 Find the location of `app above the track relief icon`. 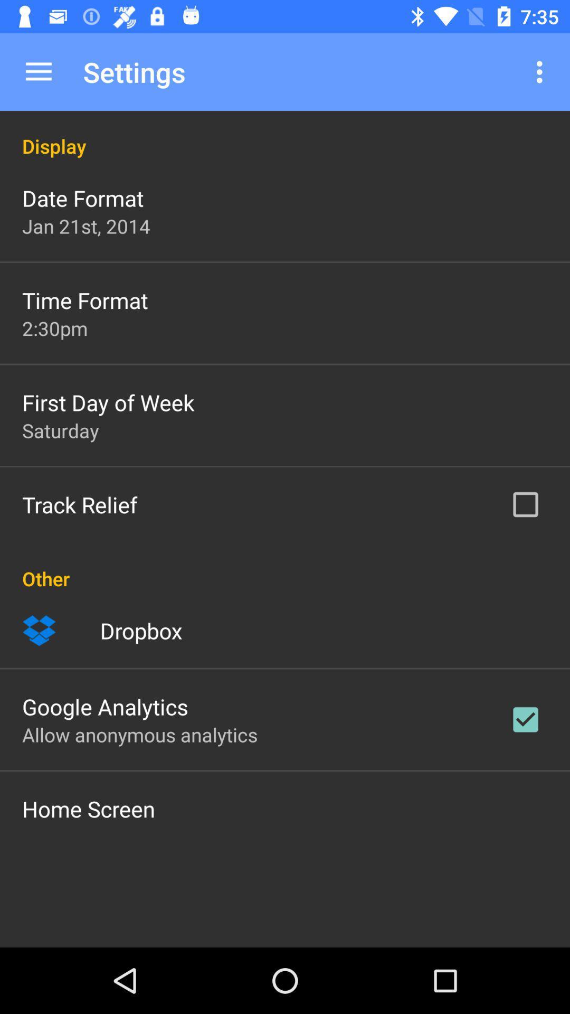

app above the track relief icon is located at coordinates (60, 430).